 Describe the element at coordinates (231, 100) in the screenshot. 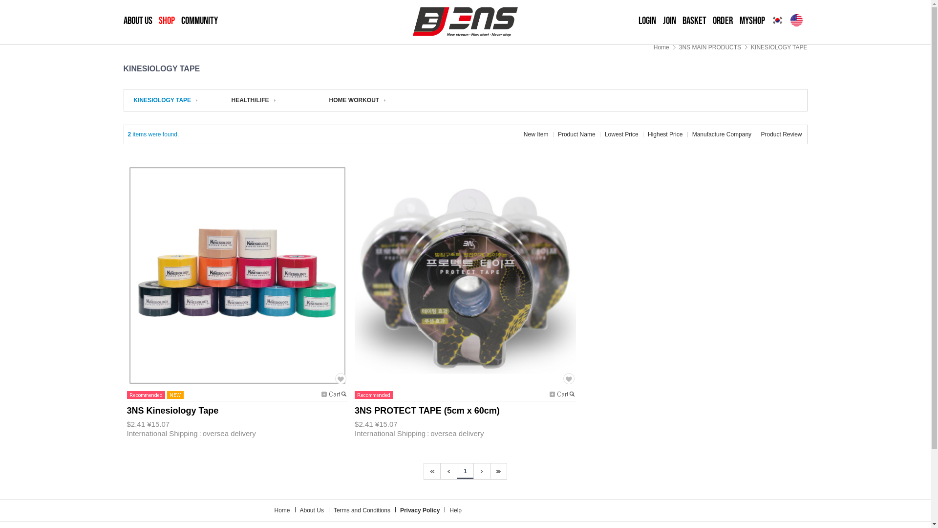

I see `'HEALTH/LIFE'` at that location.